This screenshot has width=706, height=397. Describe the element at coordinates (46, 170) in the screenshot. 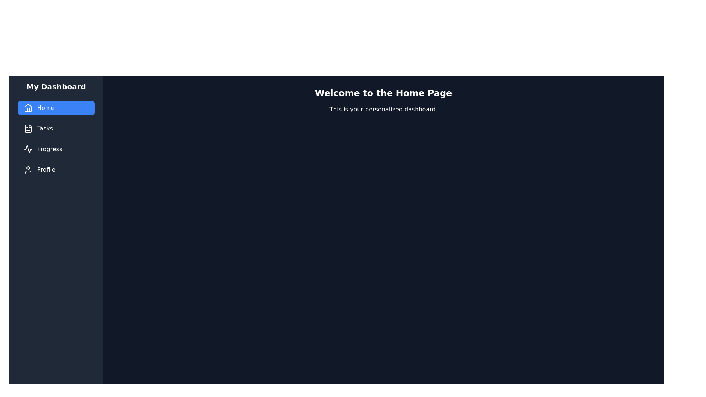

I see `the 'Profile' text label located in the sidebar menu` at that location.